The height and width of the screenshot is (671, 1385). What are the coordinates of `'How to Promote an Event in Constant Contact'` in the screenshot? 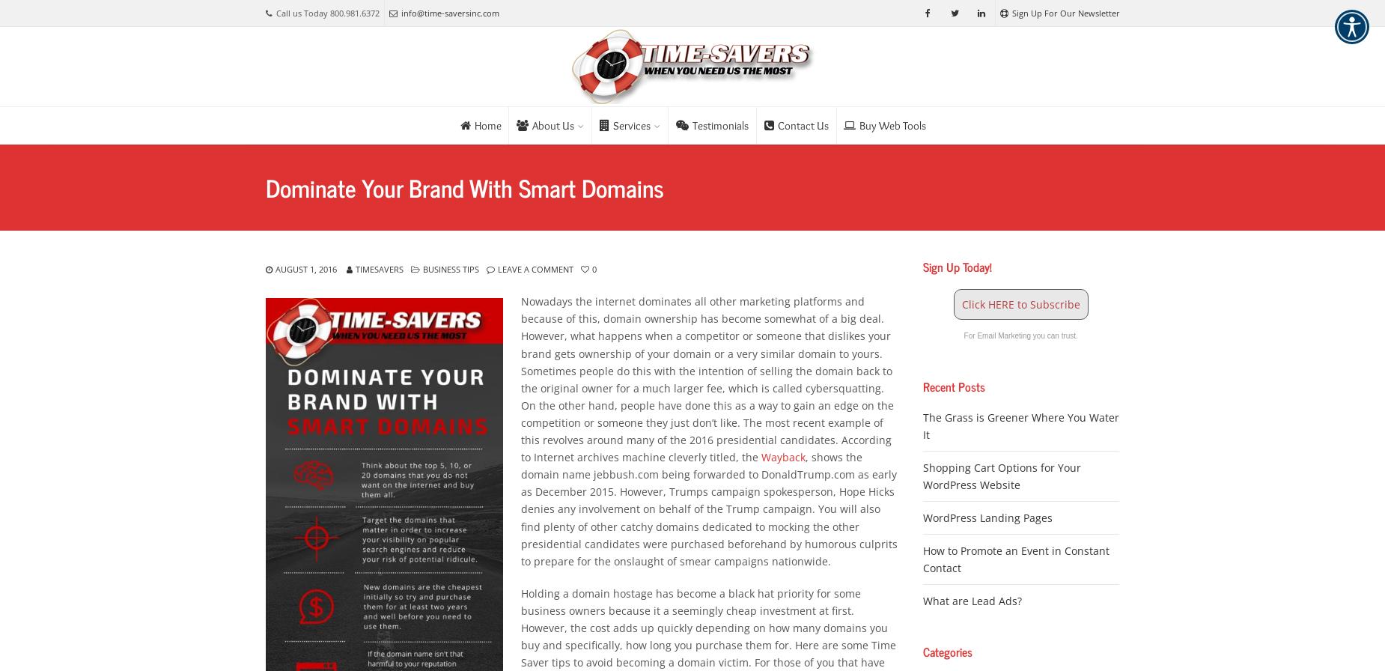 It's located at (1014, 559).